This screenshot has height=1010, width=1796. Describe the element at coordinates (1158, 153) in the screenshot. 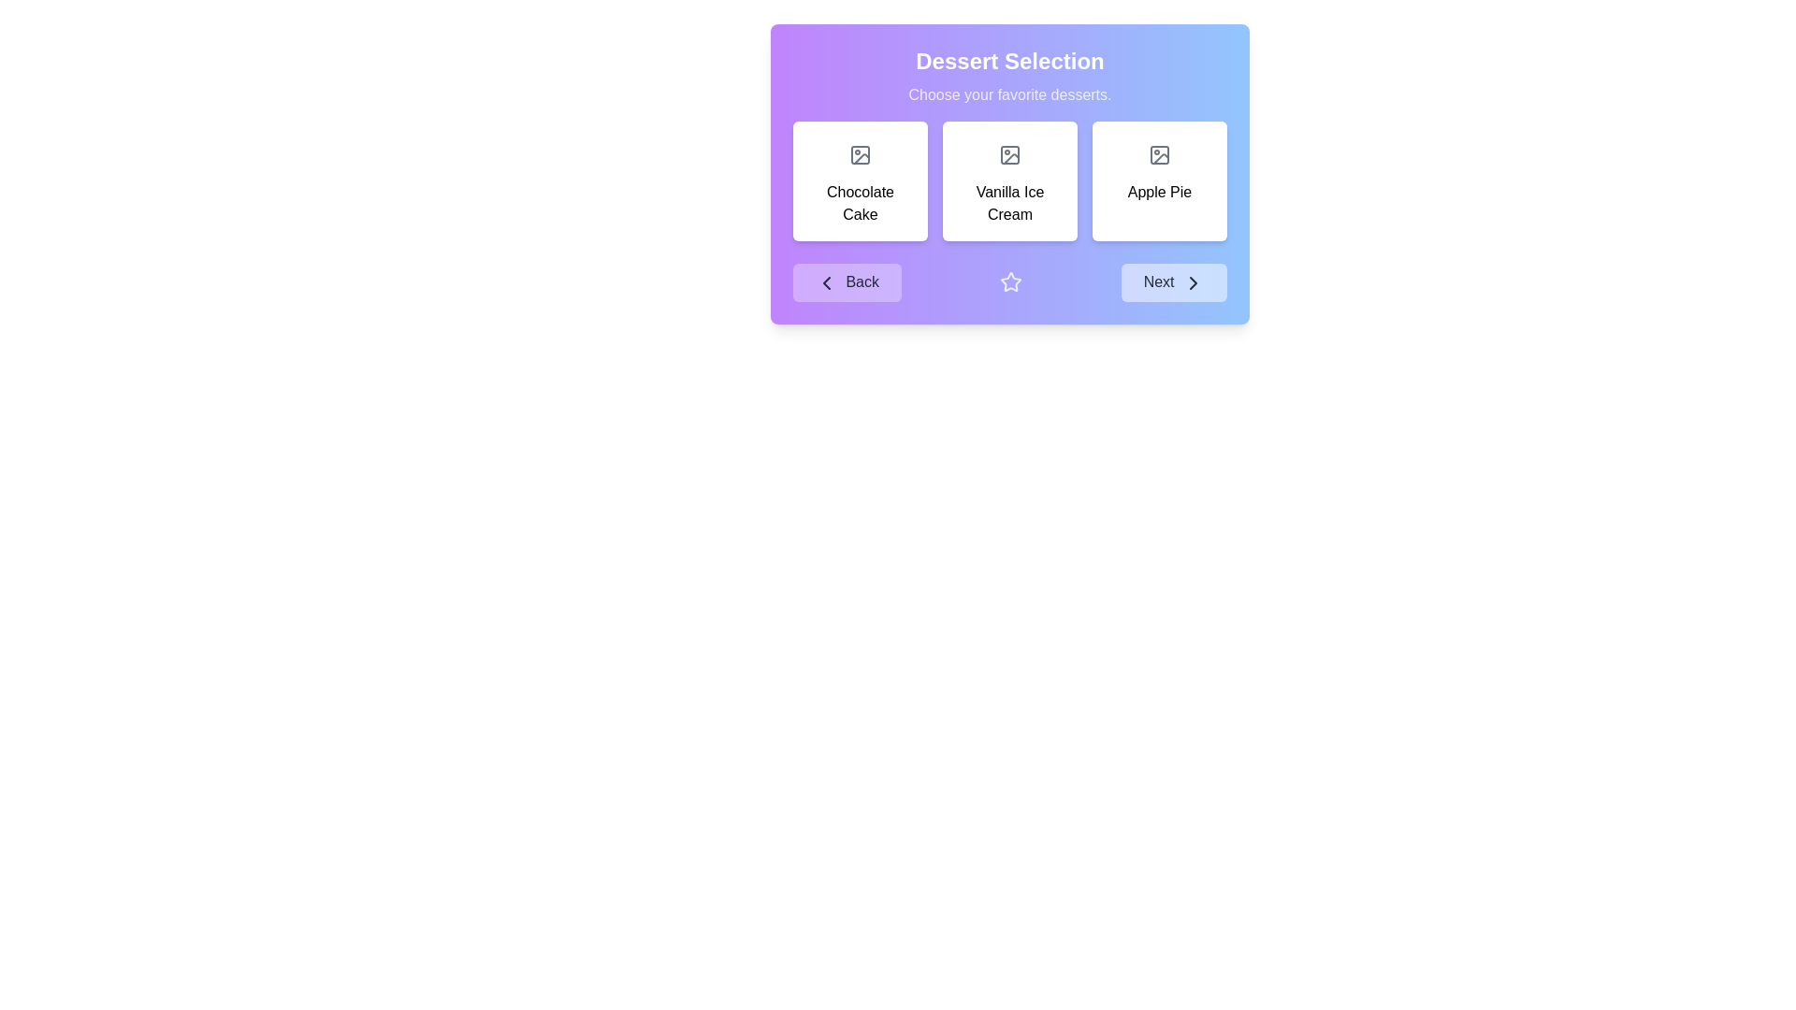

I see `the decorative placeholder for an image or media content located in the third card under the 'Apple Pie' label, which is the rightmost card in a row of three` at that location.